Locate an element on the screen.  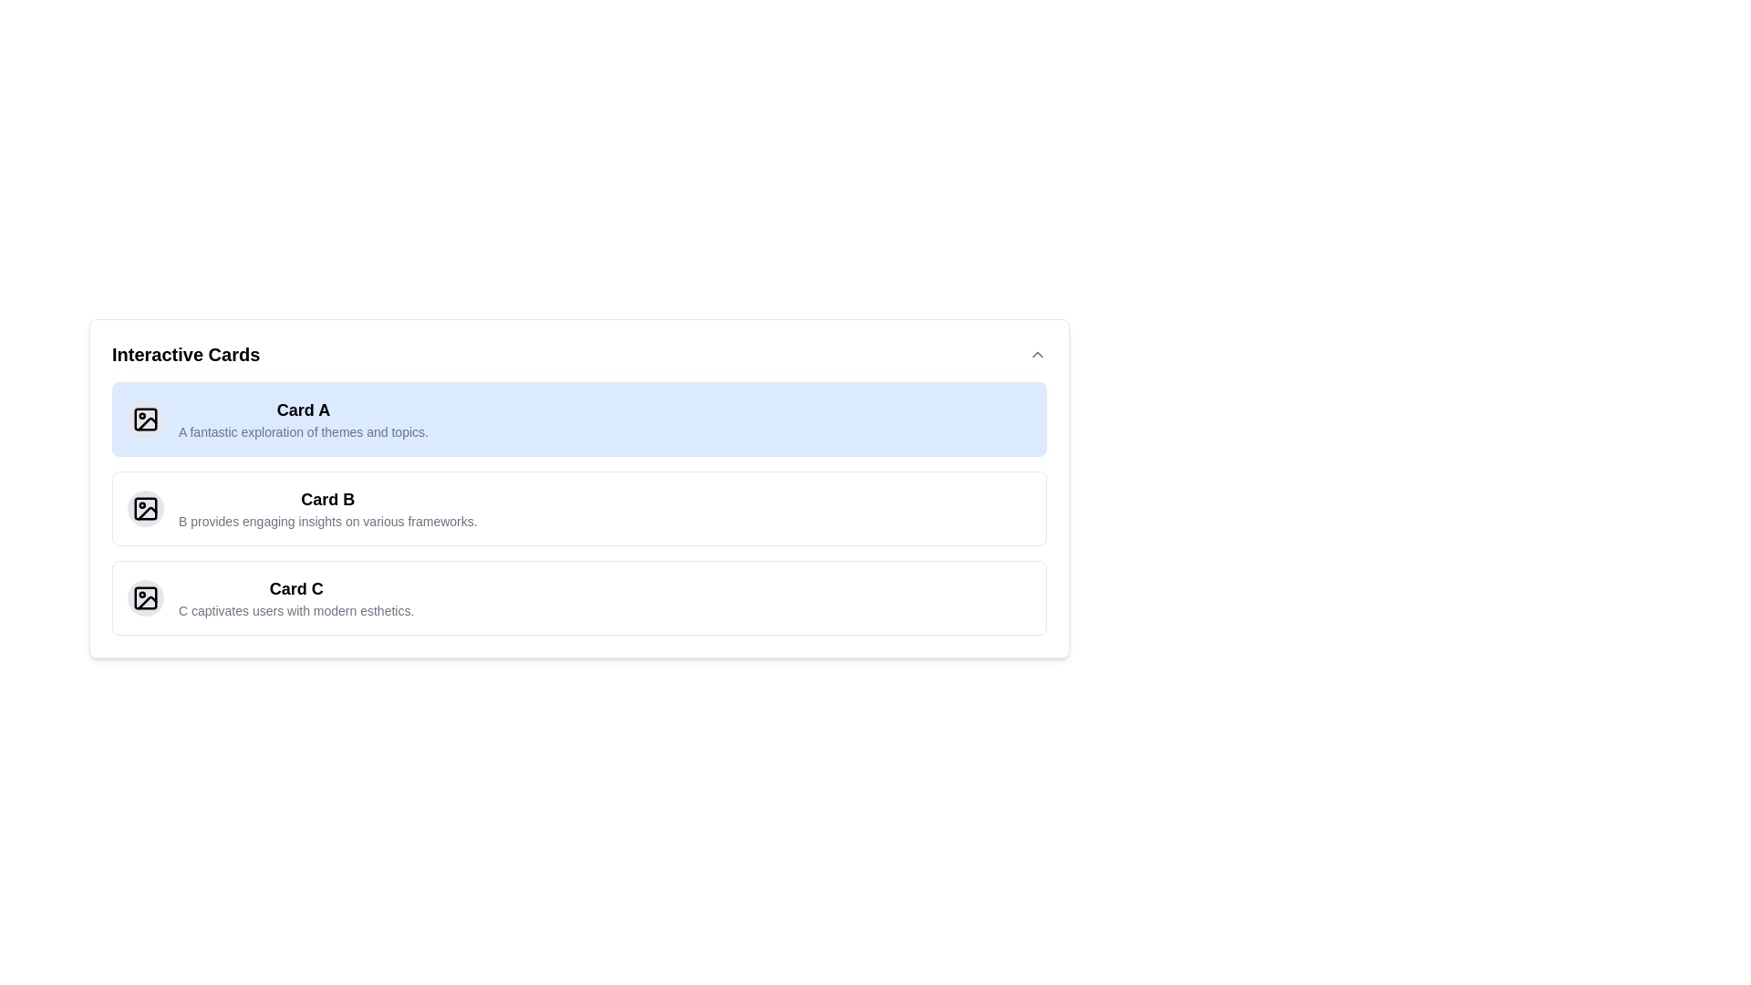
the text element displaying 'Card C', which is styled in bold and larger font, located within the third card of the vertical list titled 'Interactive Cards' is located at coordinates (296, 588).